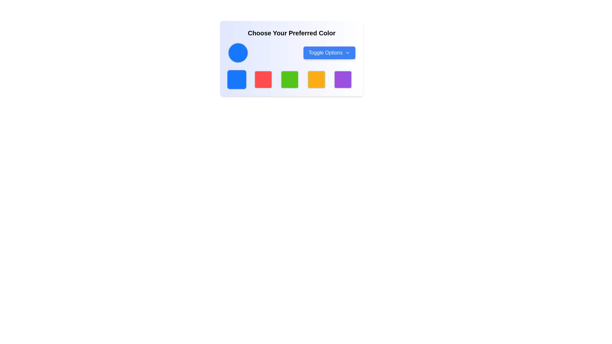  Describe the element at coordinates (347, 52) in the screenshot. I see `the Chevron-down icon located within the 'Toggle Options' button in the upper-right corner of the colored selection-card interface` at that location.